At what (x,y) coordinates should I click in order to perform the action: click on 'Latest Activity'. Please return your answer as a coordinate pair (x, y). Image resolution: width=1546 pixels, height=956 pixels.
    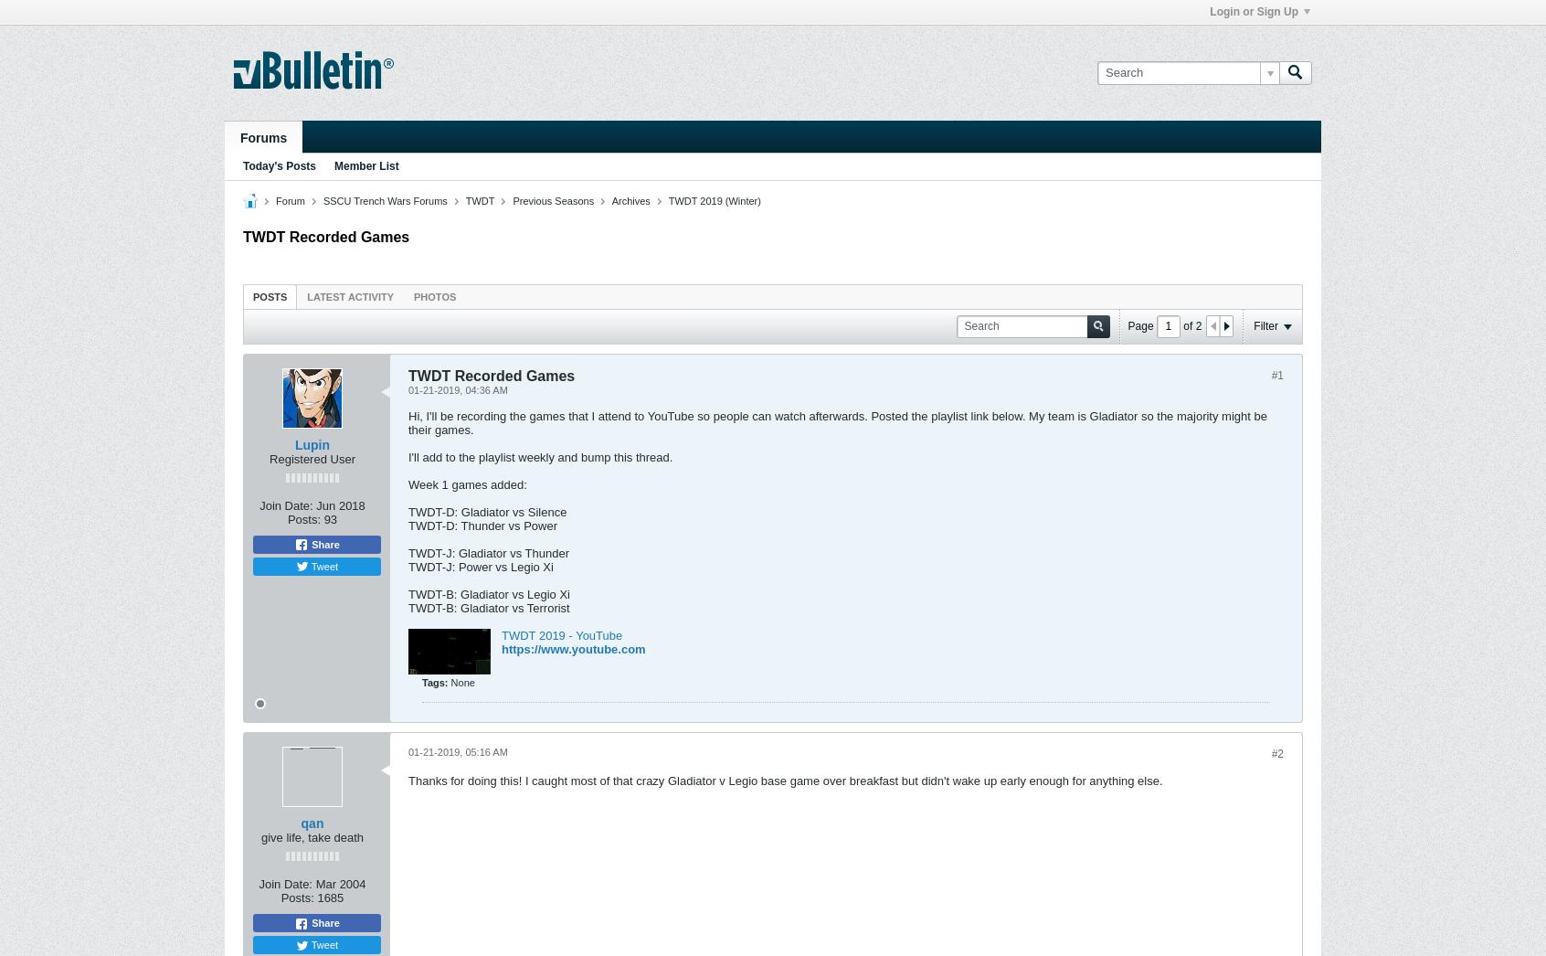
    Looking at the image, I should click on (350, 295).